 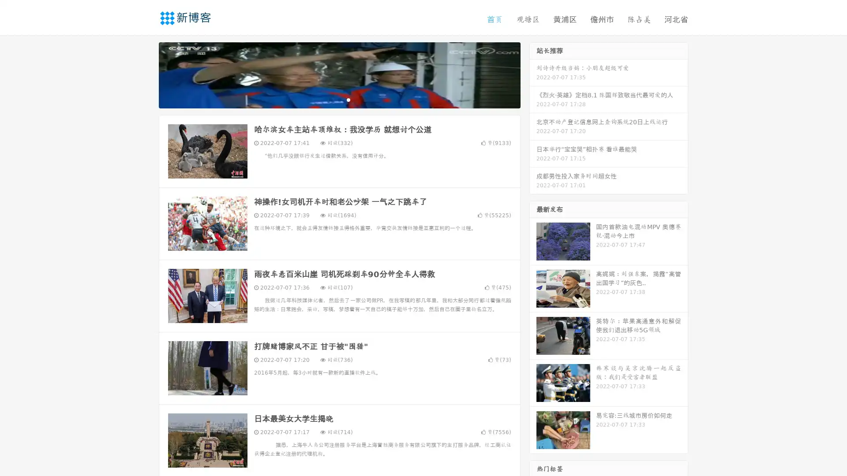 What do you see at coordinates (339, 99) in the screenshot?
I see `Go to slide 2` at bounding box center [339, 99].